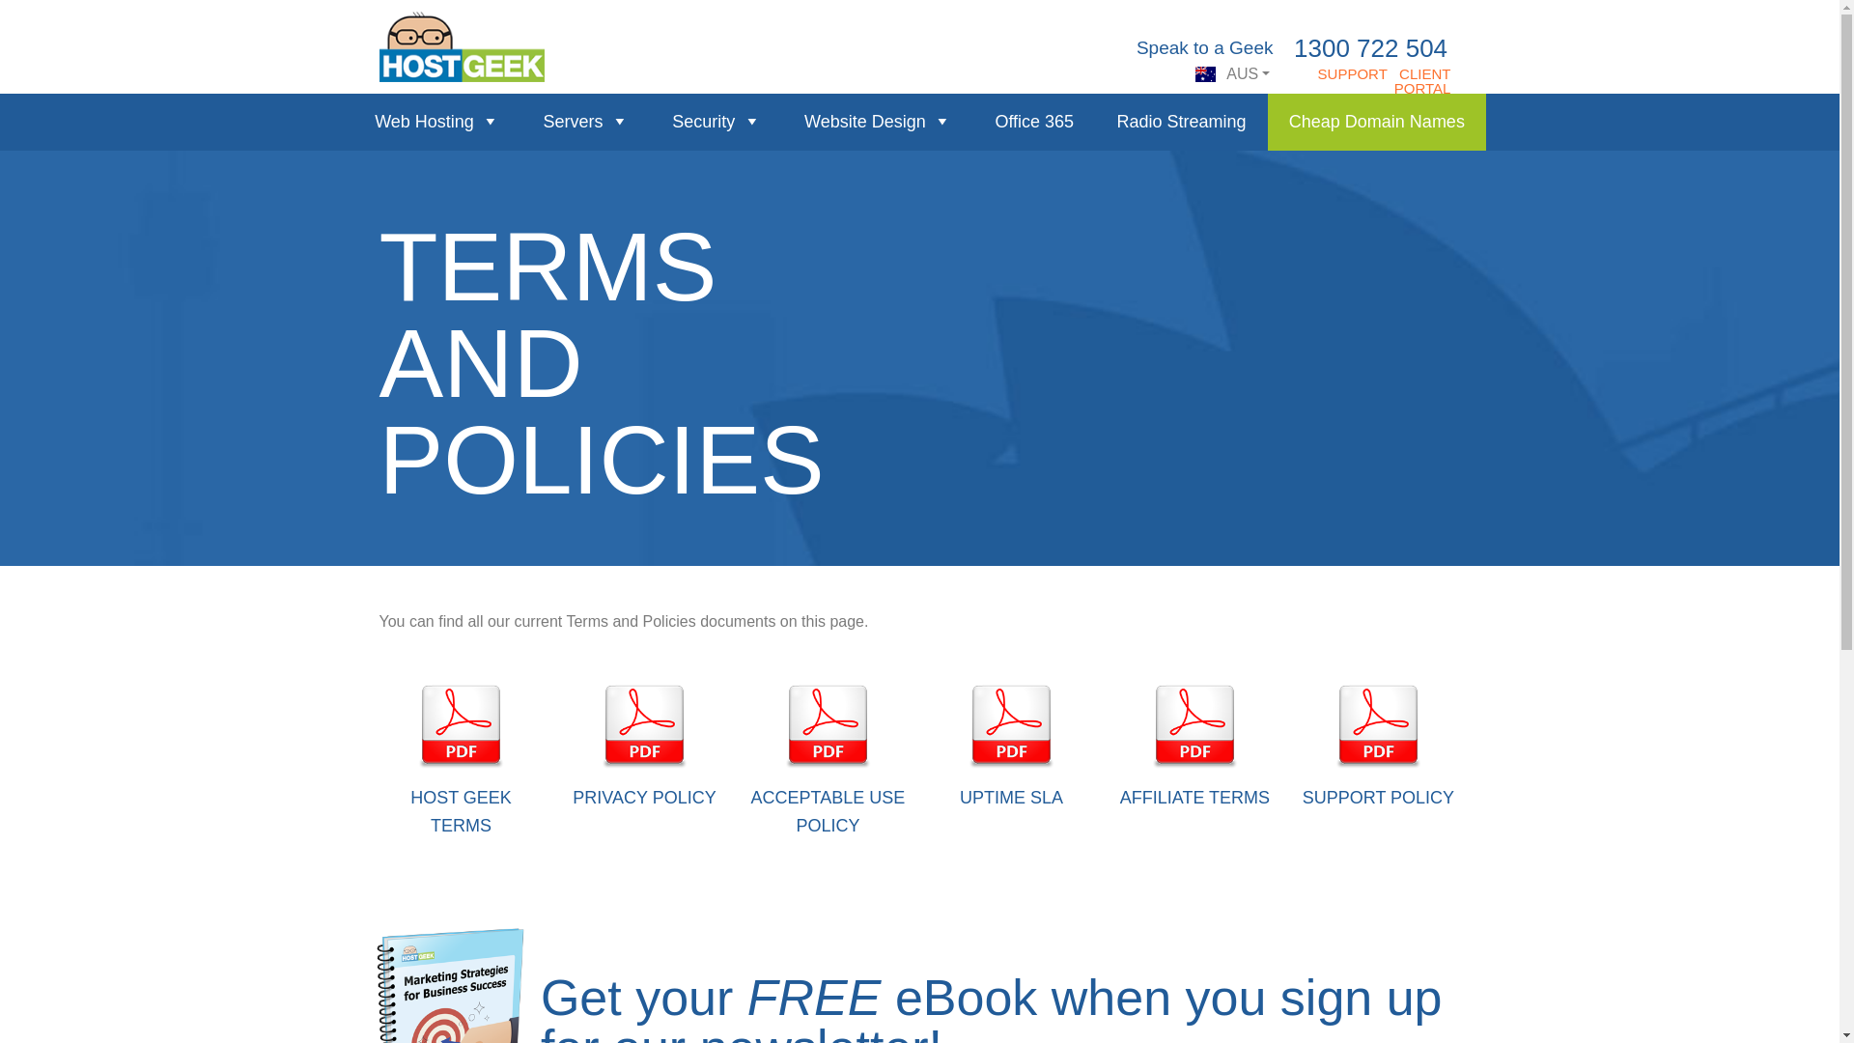 The width and height of the screenshot is (1854, 1043). Describe the element at coordinates (572, 797) in the screenshot. I see `'PRIVACY POLICY'` at that location.